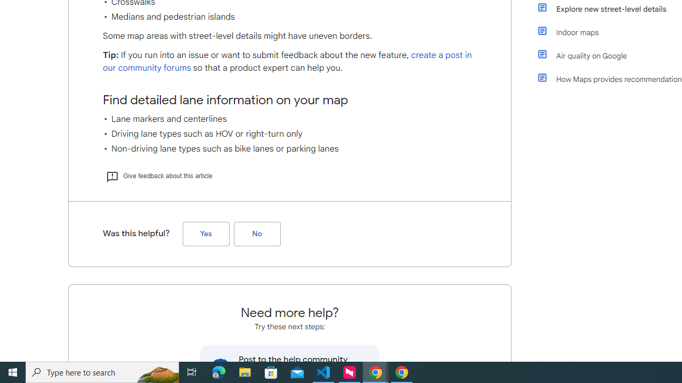  Describe the element at coordinates (158, 175) in the screenshot. I see `'Give feedback about this article'` at that location.